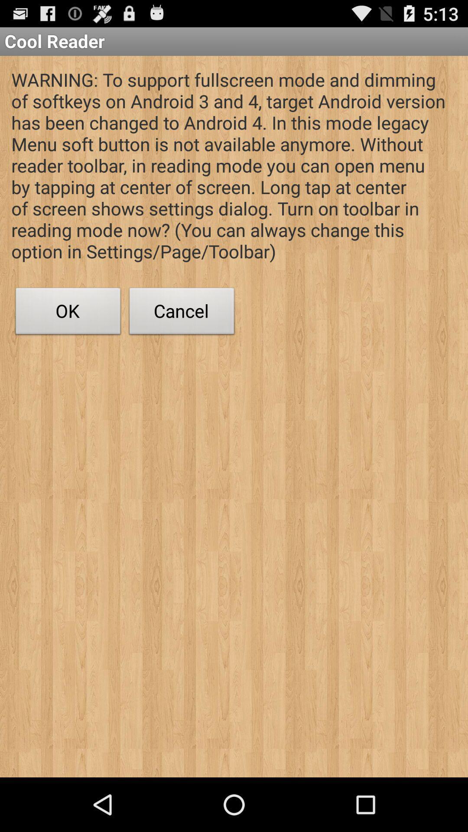  I want to click on ok item, so click(68, 313).